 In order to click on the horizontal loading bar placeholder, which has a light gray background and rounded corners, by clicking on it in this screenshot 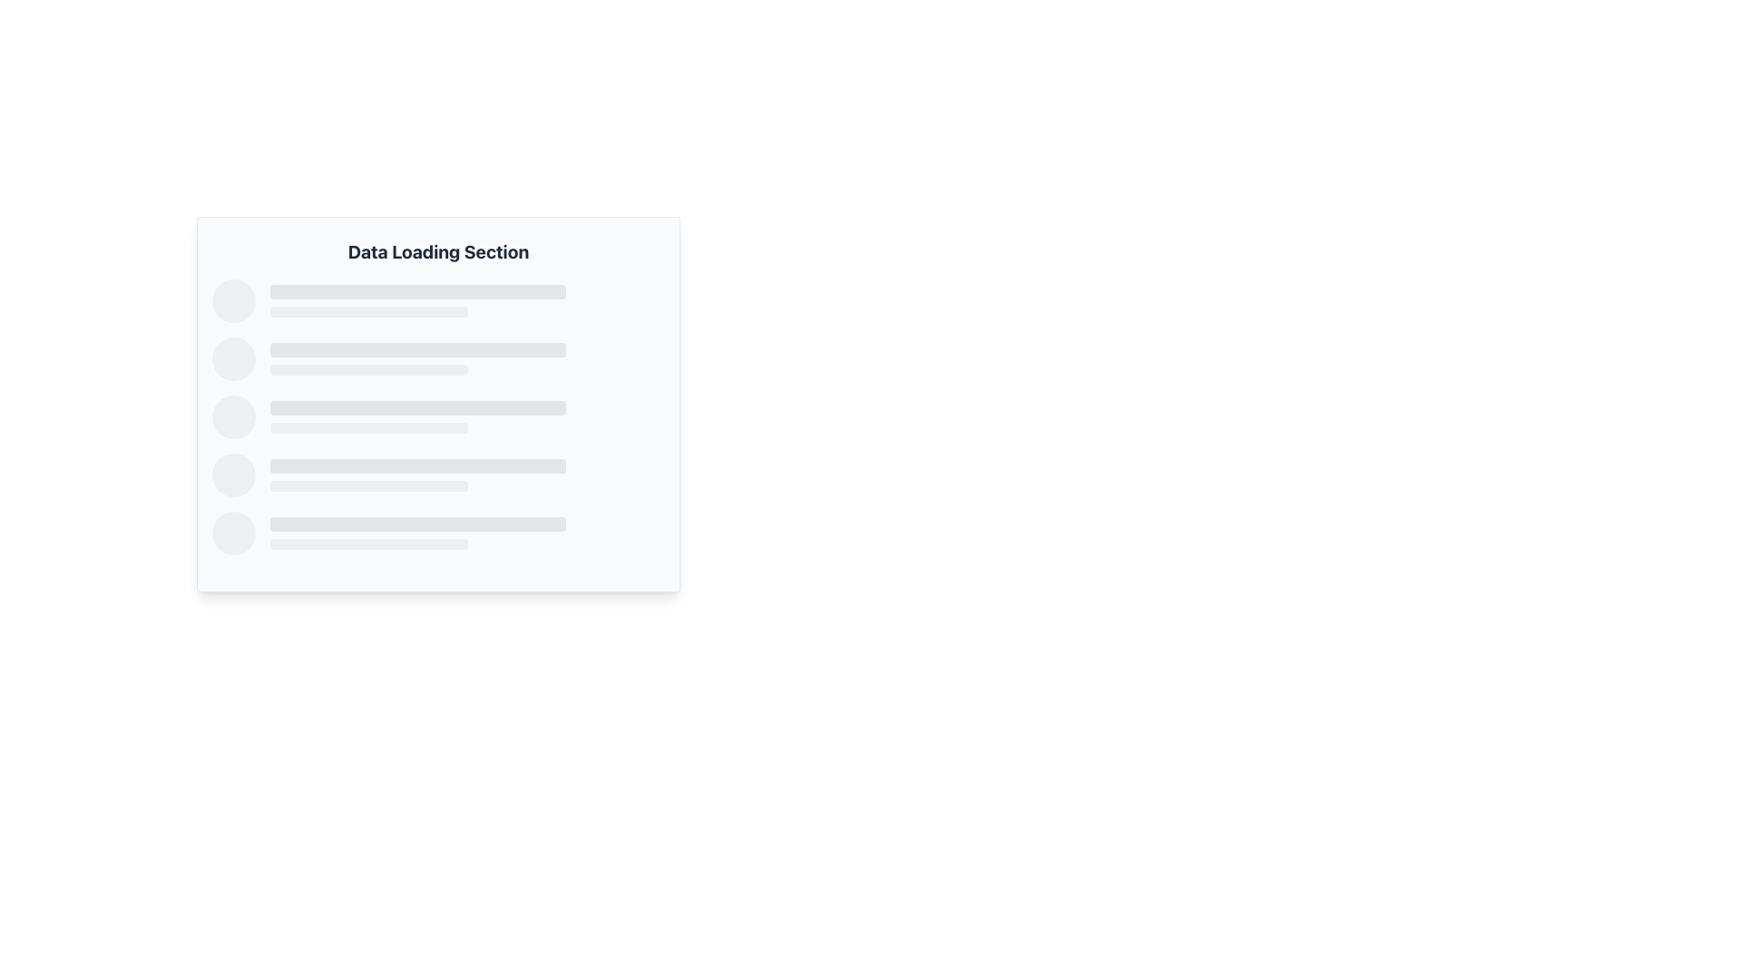, I will do `click(417, 349)`.